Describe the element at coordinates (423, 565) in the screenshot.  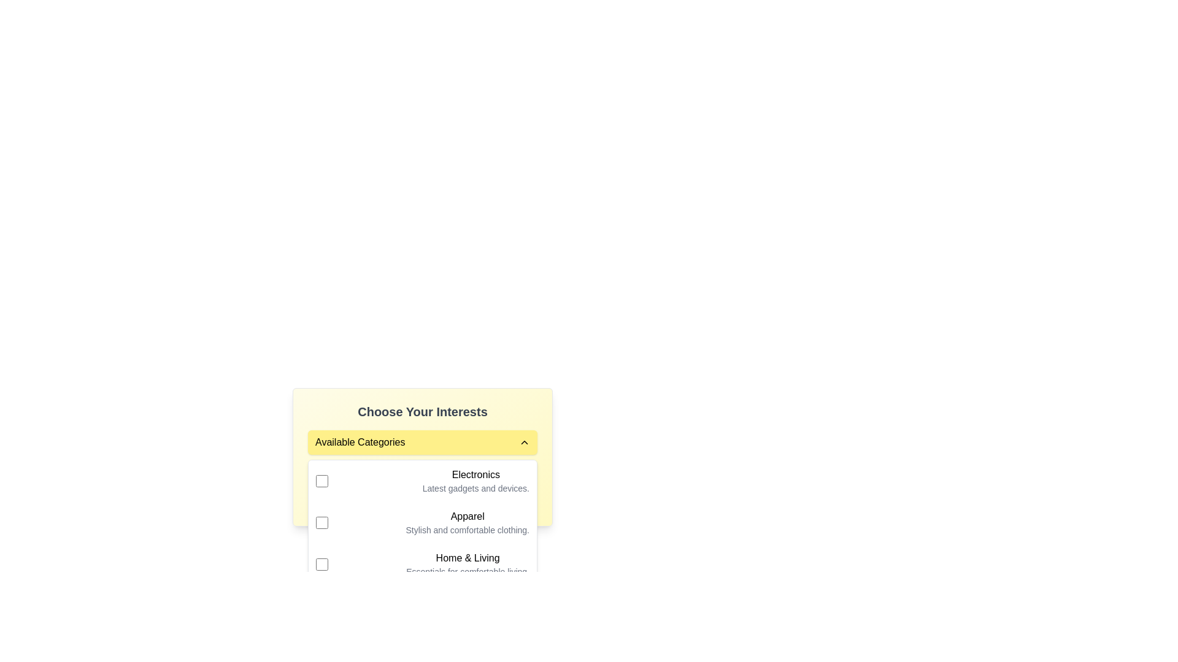
I see `the checkbox for the third option in the 'Available Categories' dropdown menu` at that location.